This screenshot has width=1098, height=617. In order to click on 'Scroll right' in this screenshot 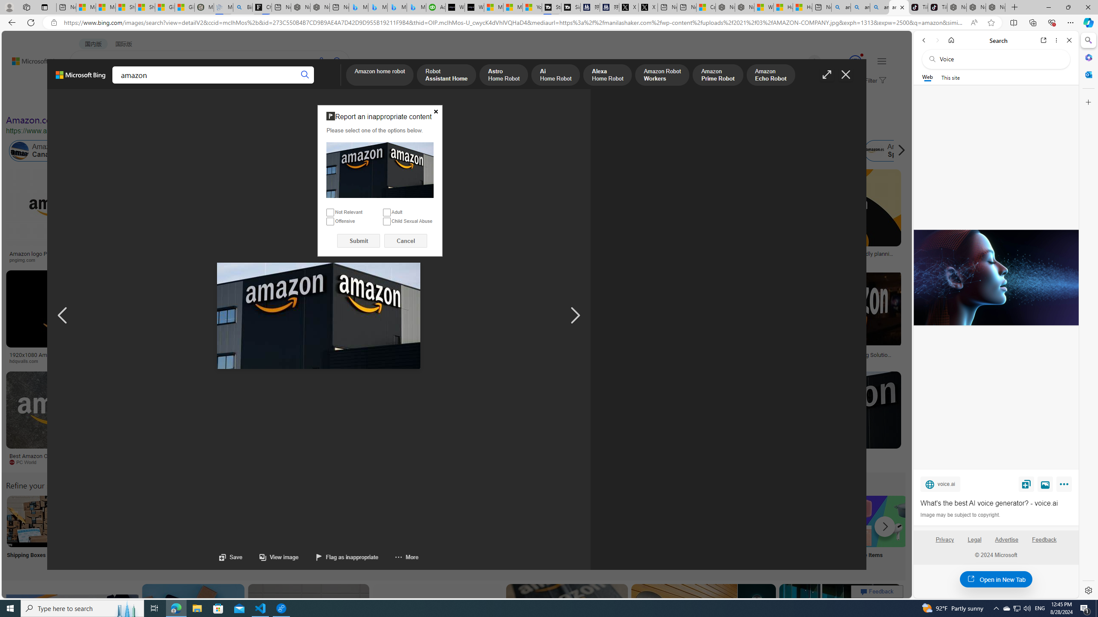, I will do `click(899, 151)`.